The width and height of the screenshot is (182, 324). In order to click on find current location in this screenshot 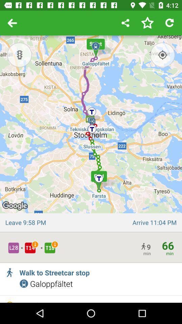, I will do `click(162, 54)`.